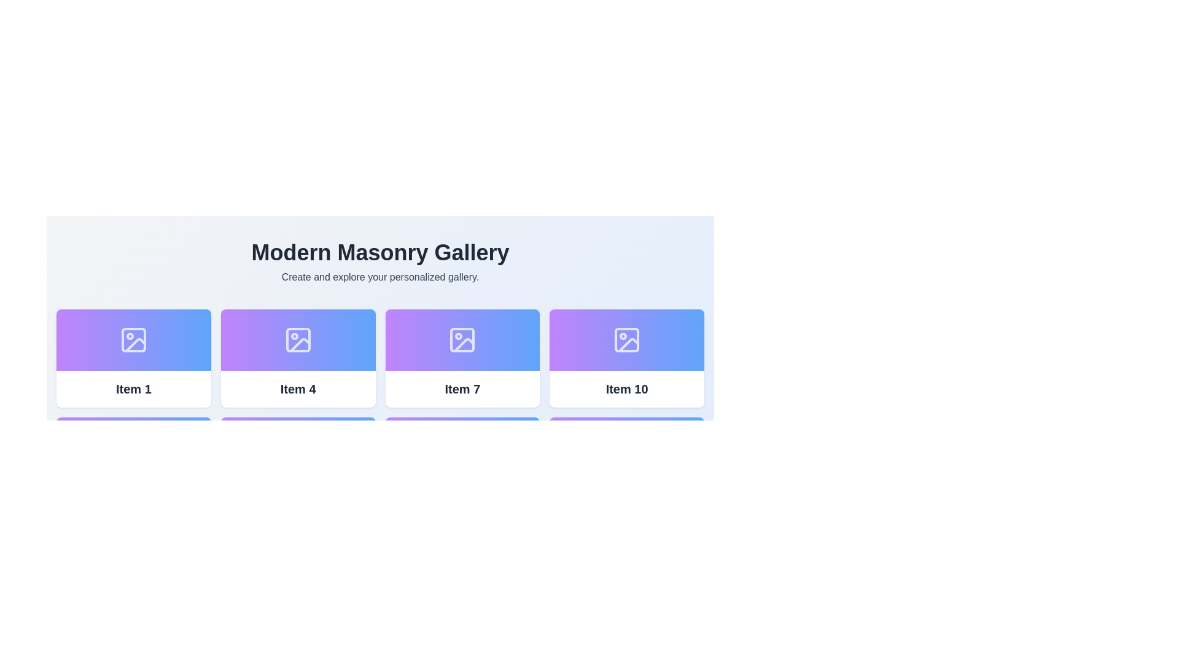  Describe the element at coordinates (379, 252) in the screenshot. I see `the heading text that serves as the title of the gallery section, providing context for the items displayed below` at that location.